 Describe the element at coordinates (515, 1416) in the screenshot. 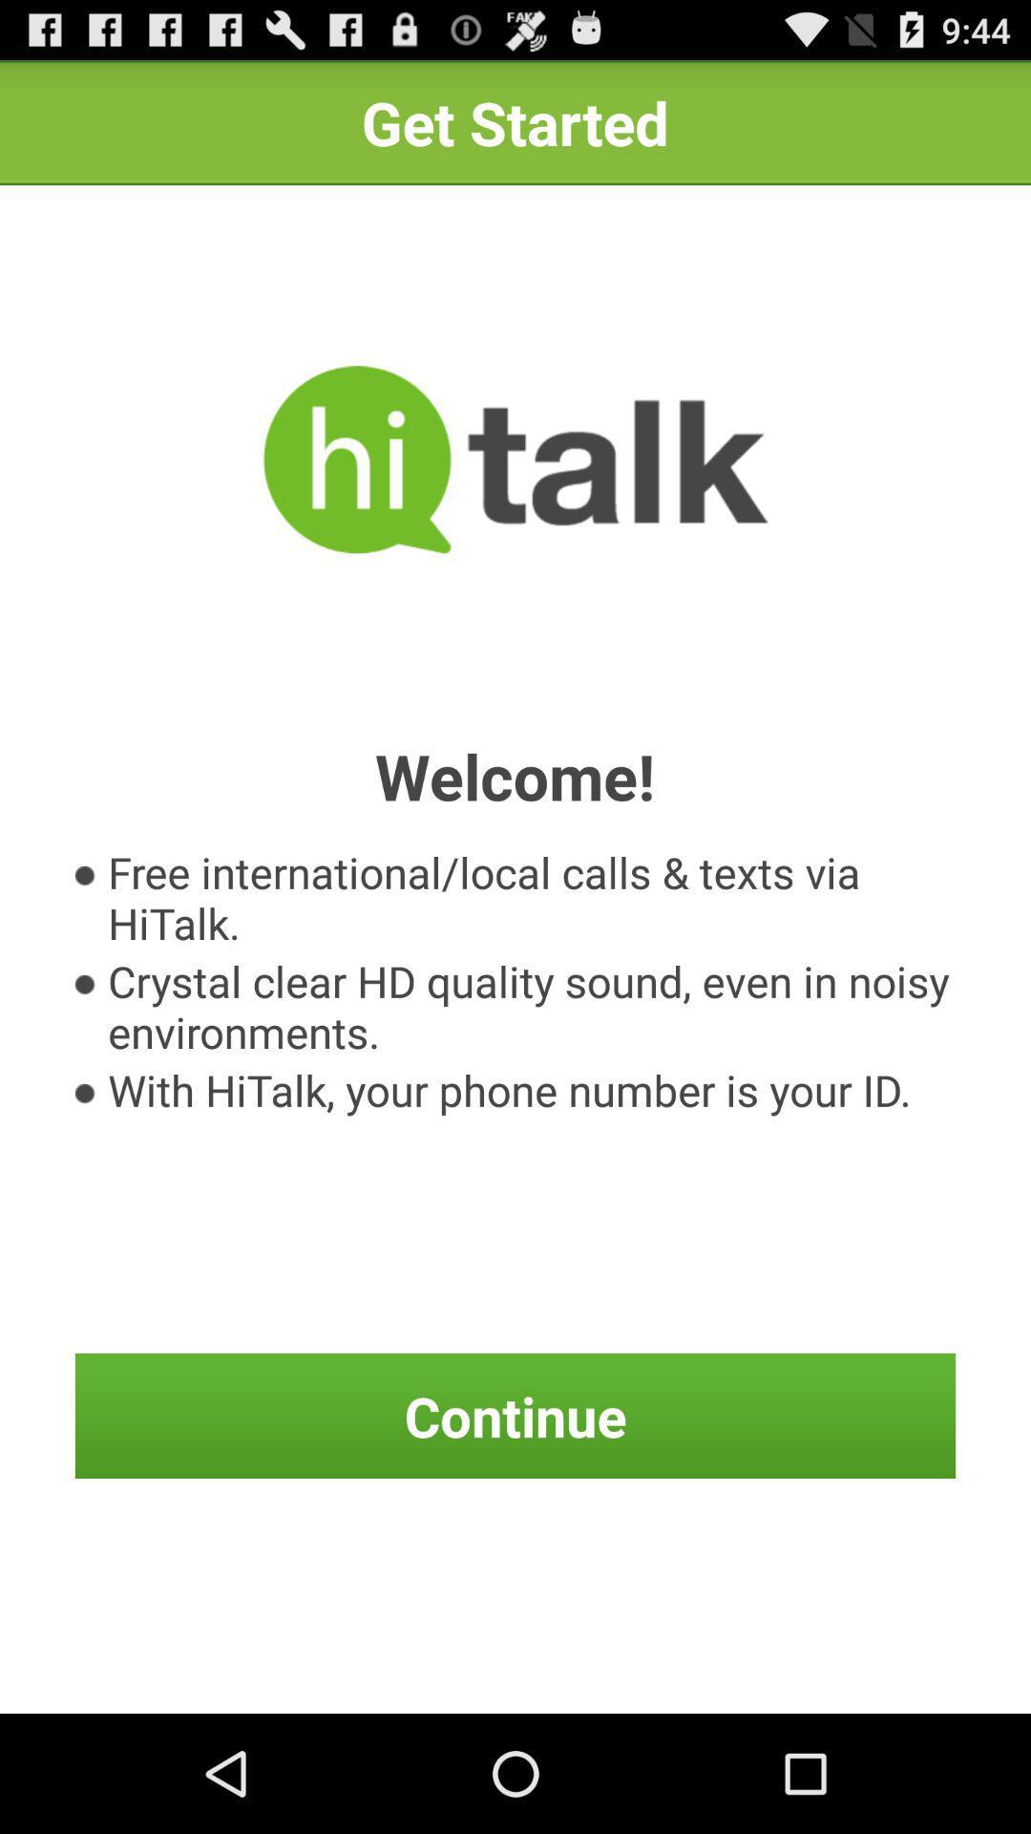

I see `icon at the bottom` at that location.